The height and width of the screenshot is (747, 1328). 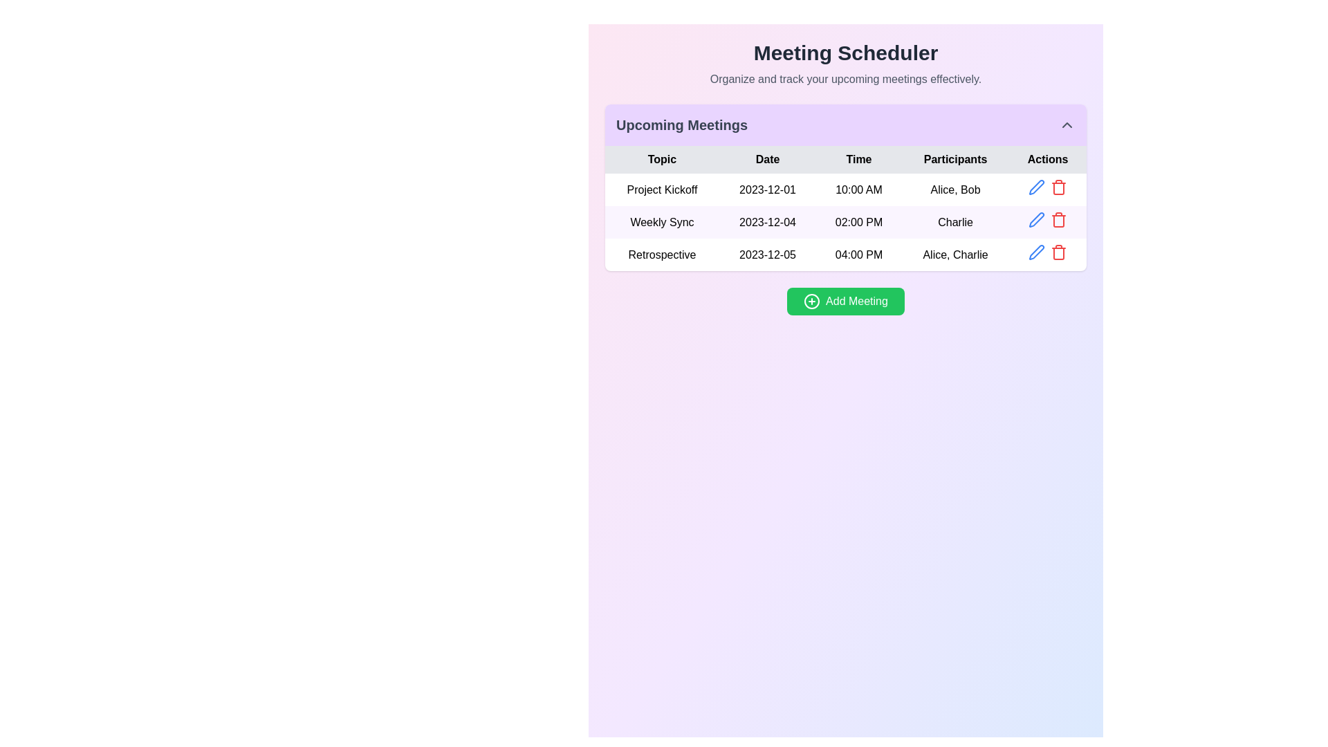 What do you see at coordinates (954, 159) in the screenshot?
I see `the 'Participants' text label in the header row of the table, which is styled in bold font and located between the 'Time' and 'Actions' columns` at bounding box center [954, 159].